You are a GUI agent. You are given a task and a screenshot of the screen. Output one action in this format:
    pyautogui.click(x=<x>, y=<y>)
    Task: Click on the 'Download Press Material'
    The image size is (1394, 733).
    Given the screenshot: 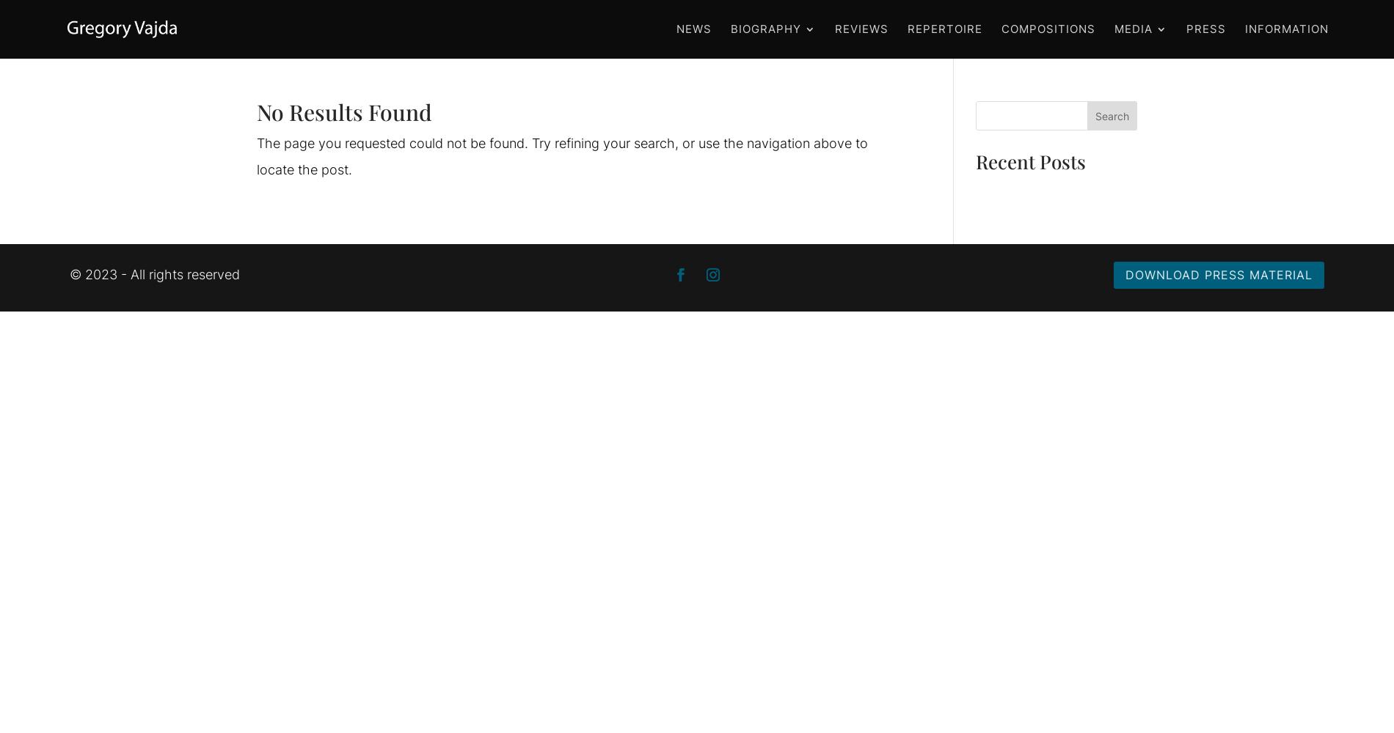 What is the action you would take?
    pyautogui.click(x=1218, y=275)
    